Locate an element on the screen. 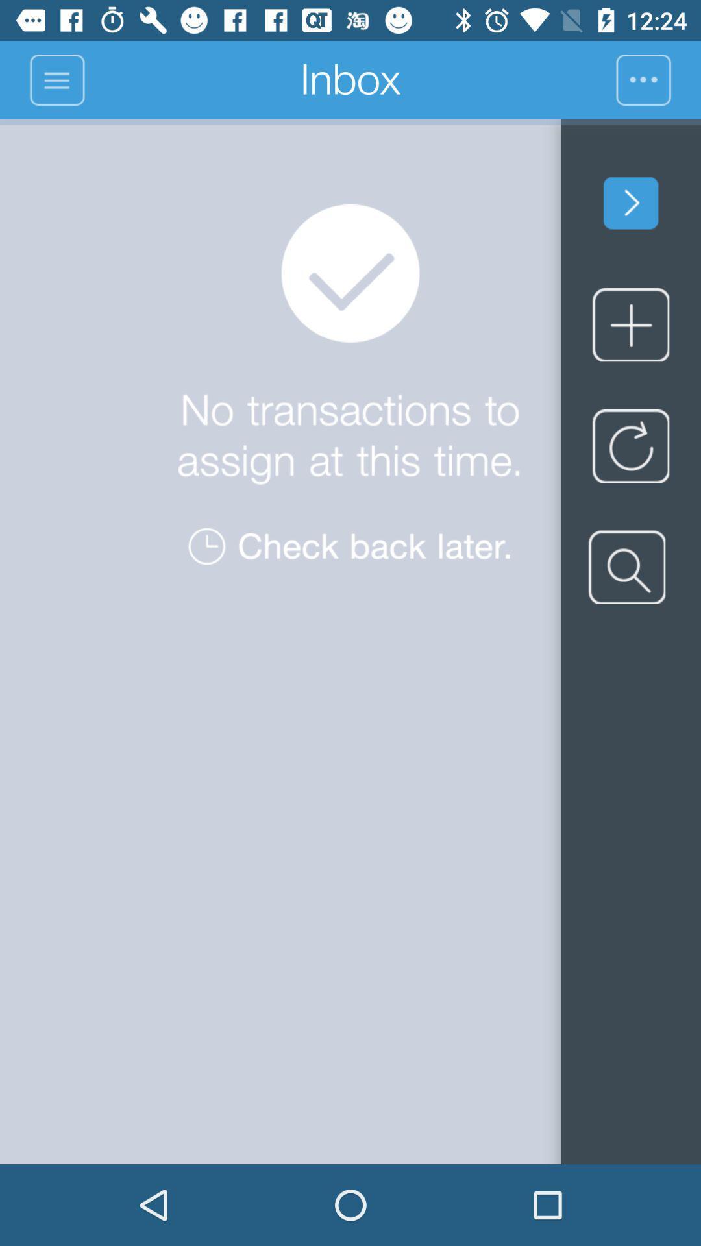  item to the left of inbox icon is located at coordinates (56, 79).